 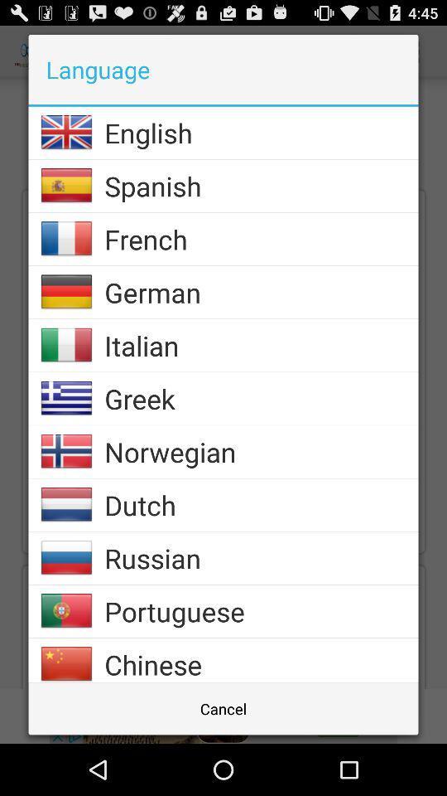 What do you see at coordinates (261, 132) in the screenshot?
I see `the english item` at bounding box center [261, 132].